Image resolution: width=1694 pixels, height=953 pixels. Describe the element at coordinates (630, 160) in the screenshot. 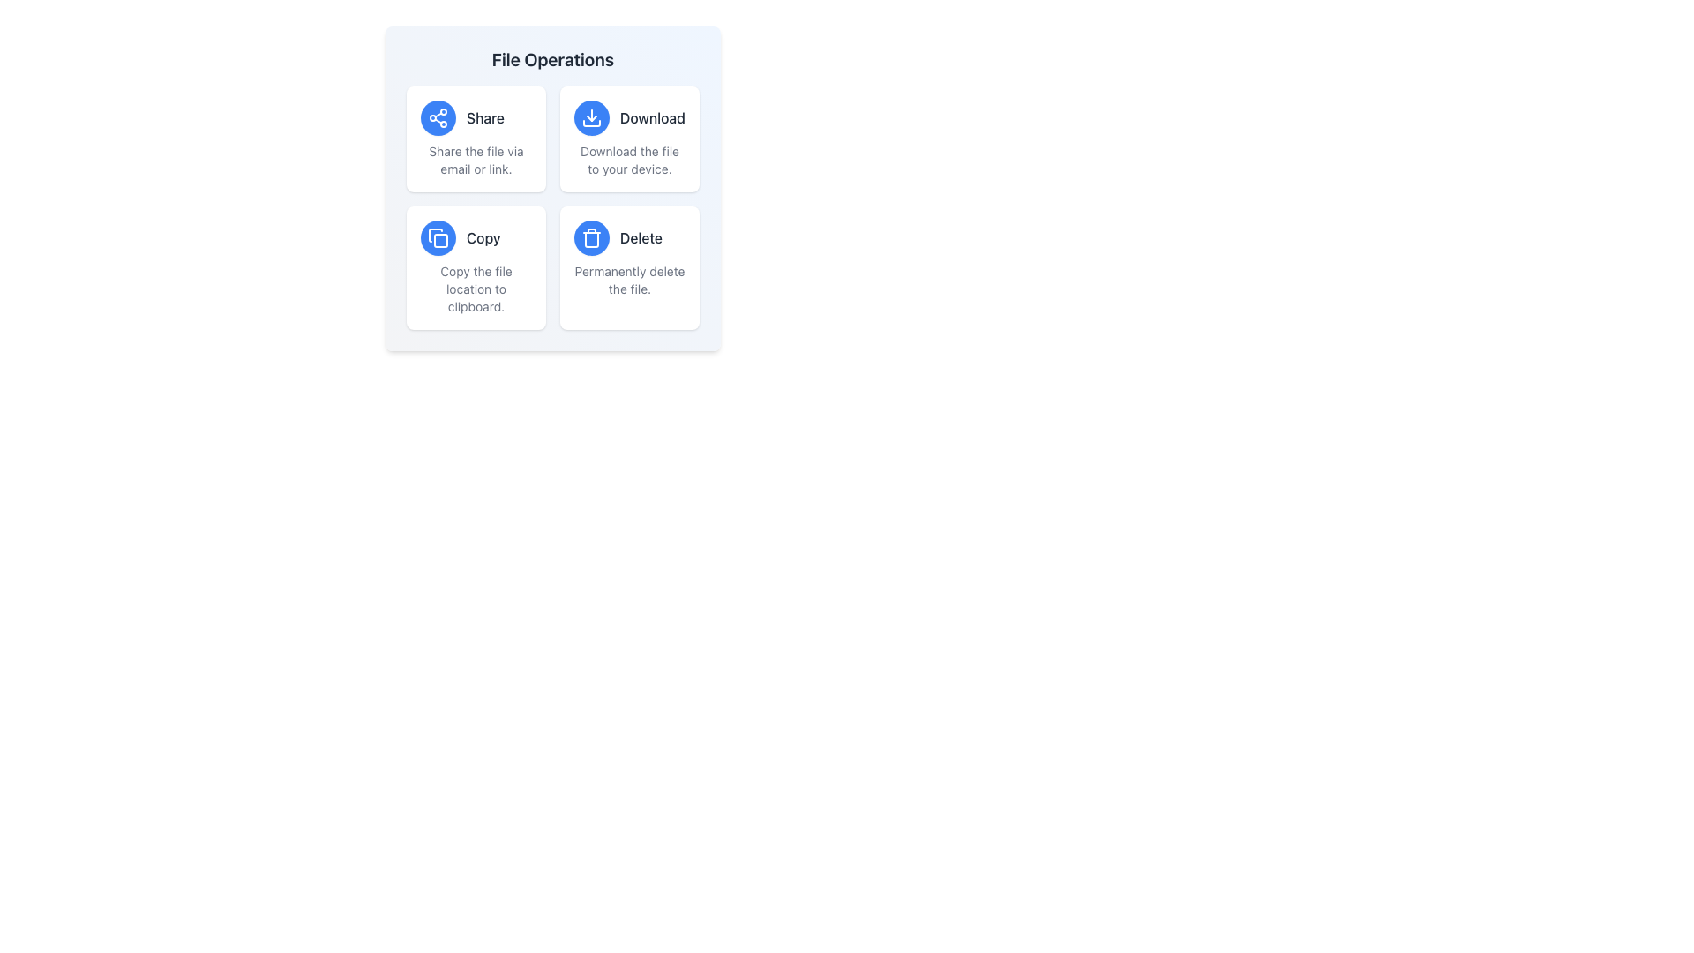

I see `the static text label that displays 'Download the file to your device.' located under the 'Download' label in the top-right card of the UI` at that location.